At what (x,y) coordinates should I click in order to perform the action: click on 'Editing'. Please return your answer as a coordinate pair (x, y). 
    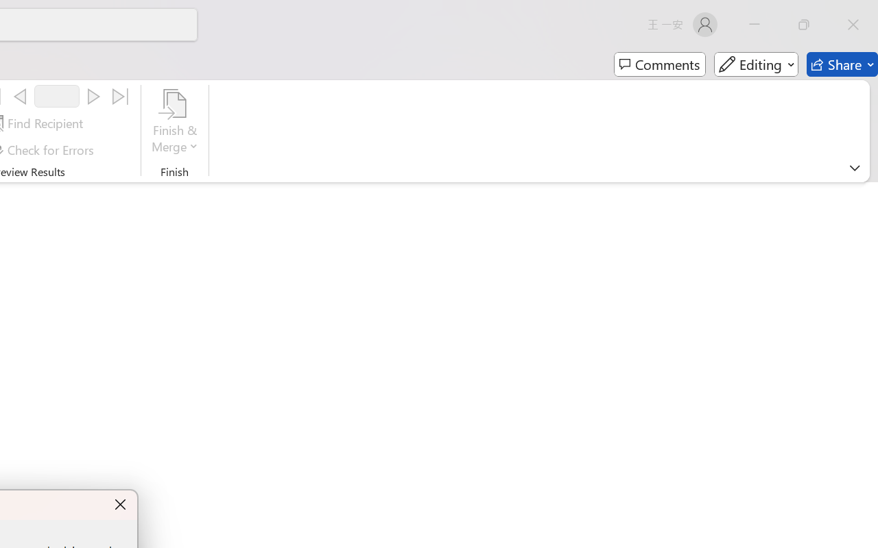
    Looking at the image, I should click on (755, 64).